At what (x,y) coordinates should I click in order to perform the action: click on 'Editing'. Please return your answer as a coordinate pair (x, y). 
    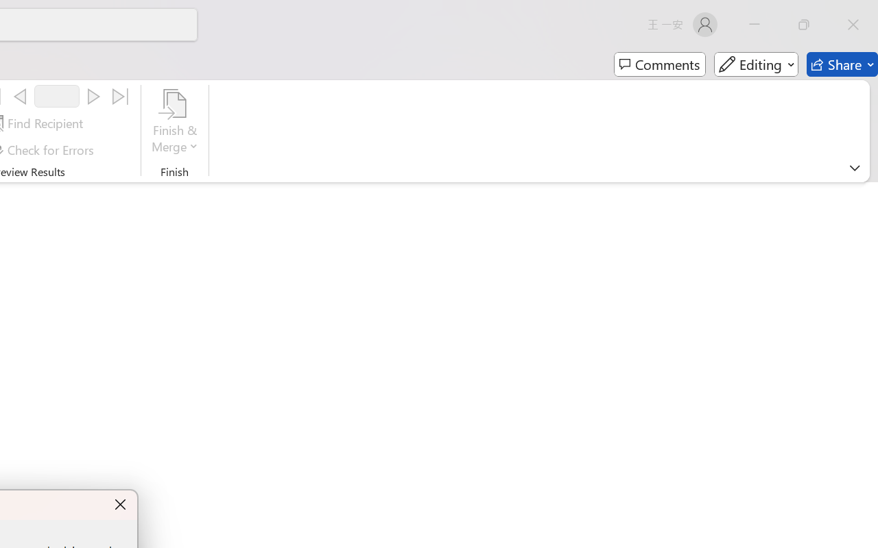
    Looking at the image, I should click on (755, 64).